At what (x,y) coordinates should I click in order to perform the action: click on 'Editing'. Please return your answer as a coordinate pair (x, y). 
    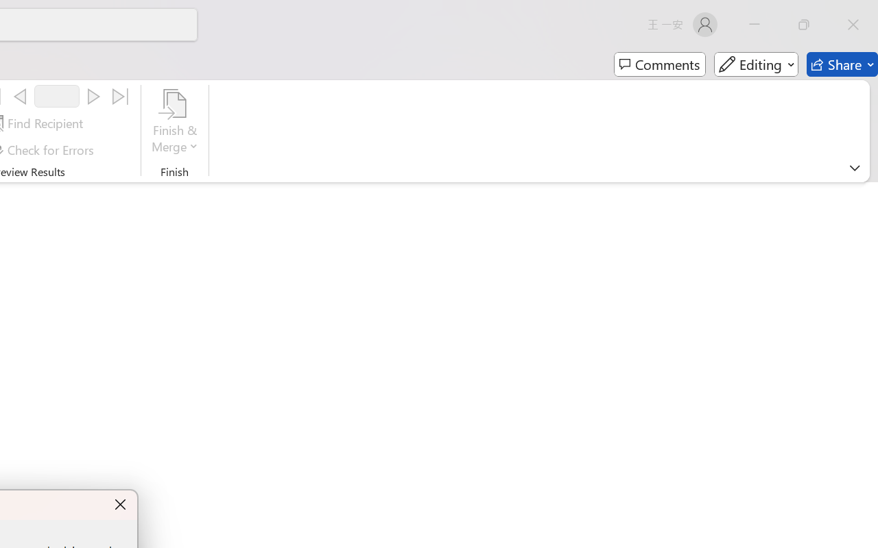
    Looking at the image, I should click on (755, 64).